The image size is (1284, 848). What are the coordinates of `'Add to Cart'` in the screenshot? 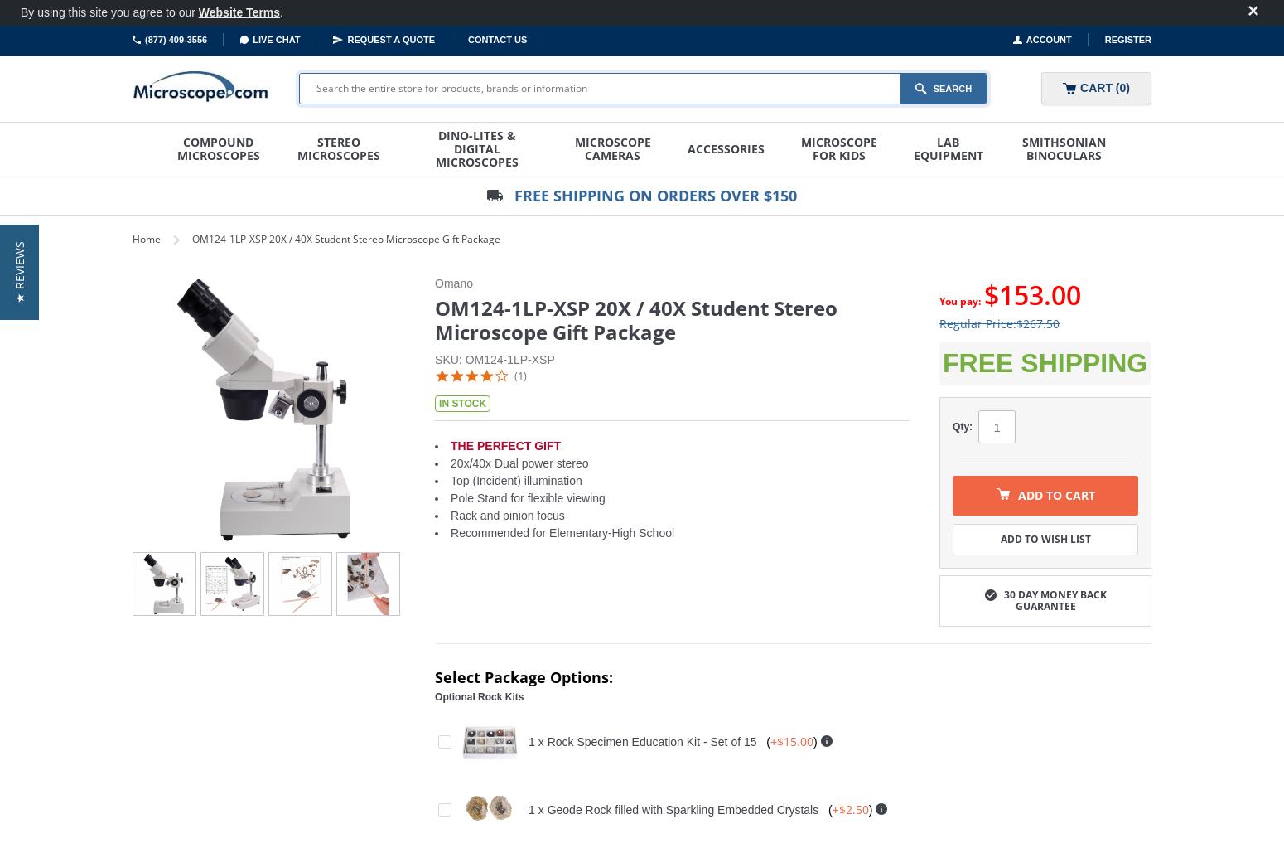 It's located at (1055, 494).